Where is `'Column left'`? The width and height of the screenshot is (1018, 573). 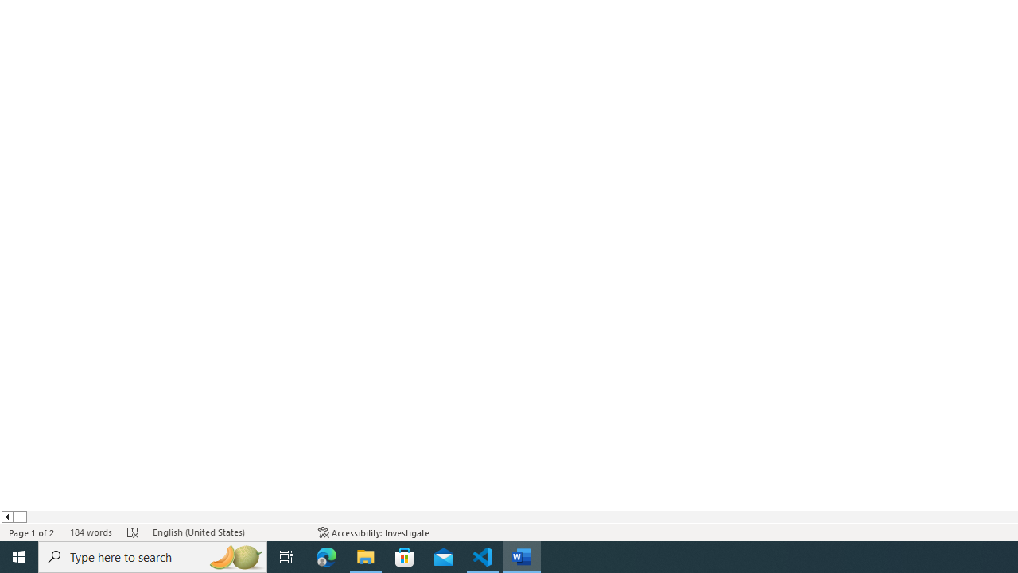
'Column left' is located at coordinates (6, 516).